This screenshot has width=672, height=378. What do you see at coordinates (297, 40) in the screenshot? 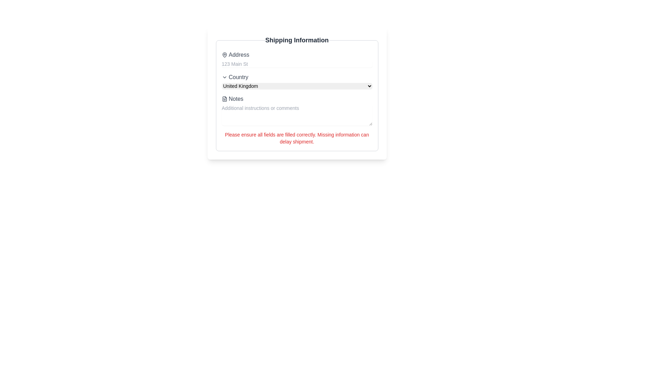
I see `the section header text that provides context and a title for the form fields below it` at bounding box center [297, 40].